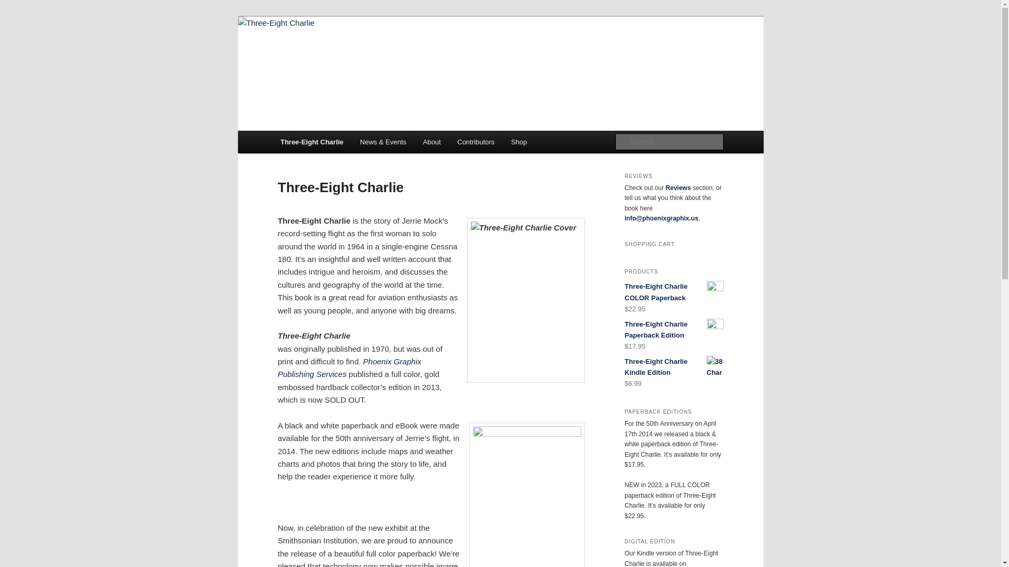 Image resolution: width=1009 pixels, height=567 pixels. I want to click on 'Reviews', so click(678, 187).